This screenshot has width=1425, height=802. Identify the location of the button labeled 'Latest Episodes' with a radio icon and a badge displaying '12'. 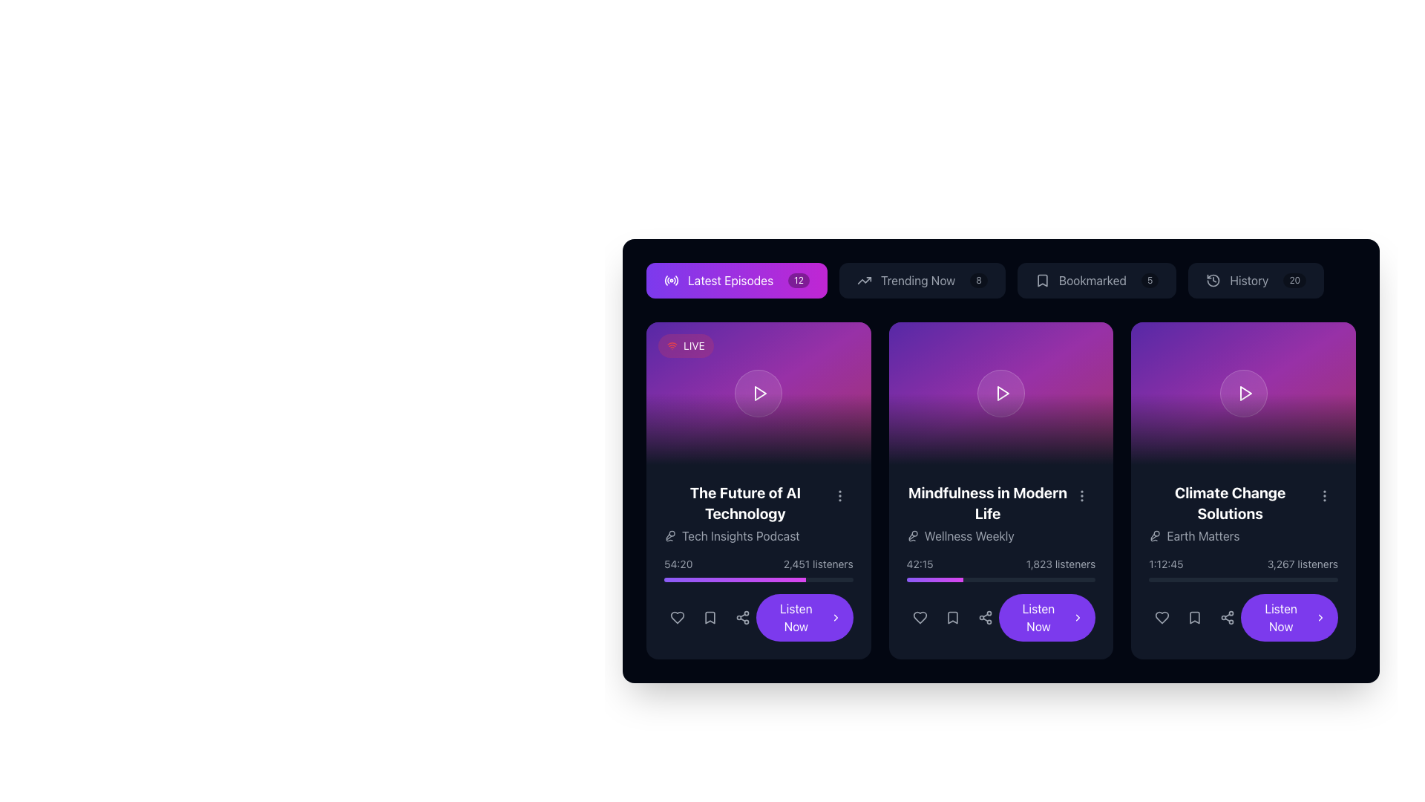
(737, 281).